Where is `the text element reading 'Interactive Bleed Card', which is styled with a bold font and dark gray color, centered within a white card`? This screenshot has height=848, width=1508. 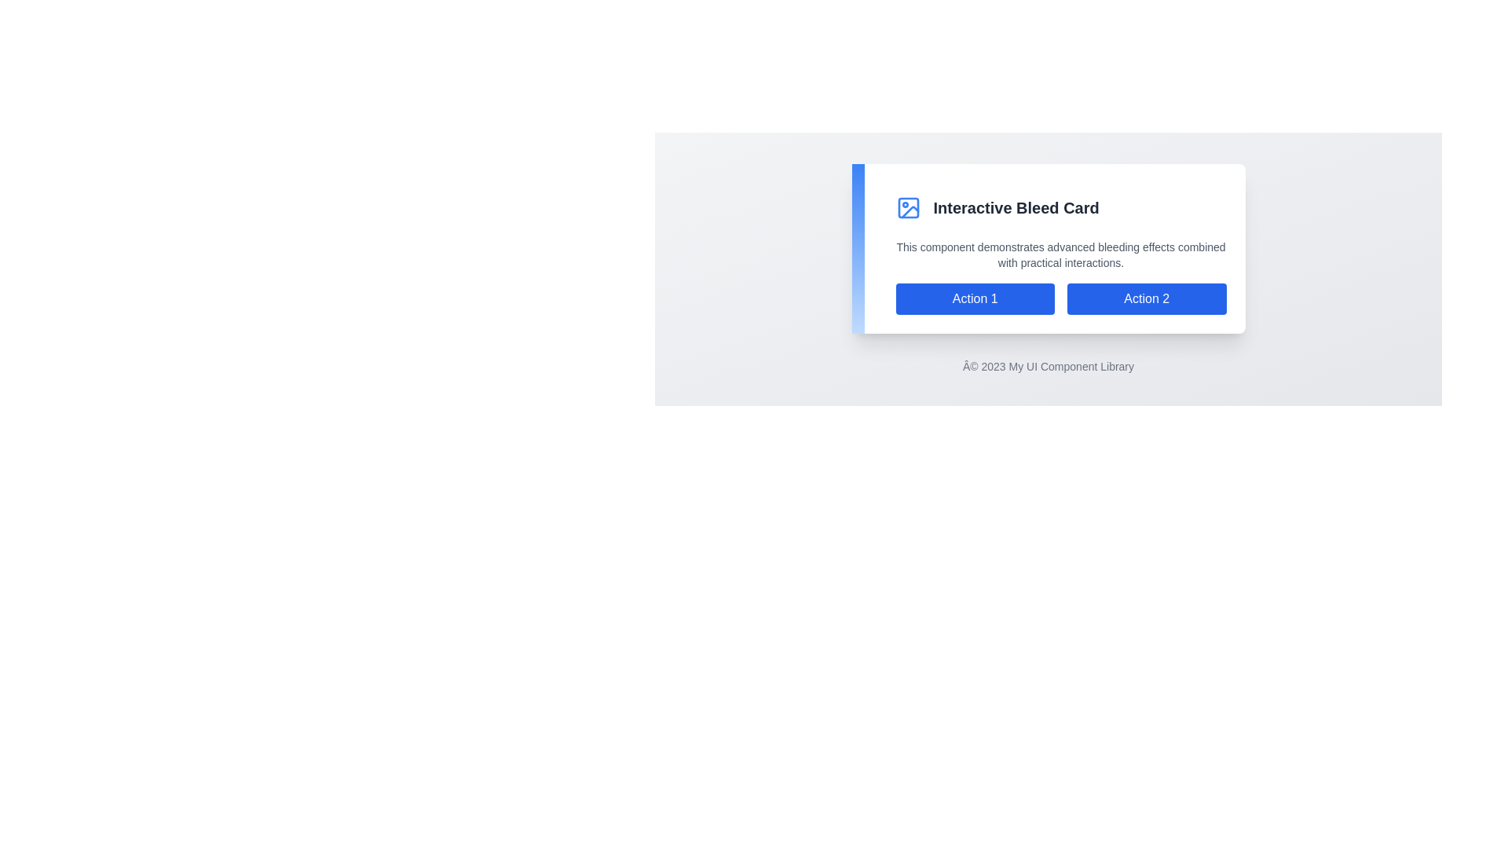
the text element reading 'Interactive Bleed Card', which is styled with a bold font and dark gray color, centered within a white card is located at coordinates (1016, 207).